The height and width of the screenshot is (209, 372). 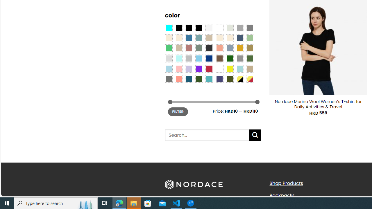 What do you see at coordinates (209, 28) in the screenshot?
I see `'Pearly White'` at bounding box center [209, 28].